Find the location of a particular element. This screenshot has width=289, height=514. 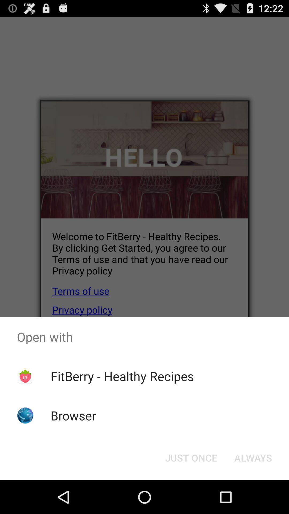

the icon below open with icon is located at coordinates (253, 457).